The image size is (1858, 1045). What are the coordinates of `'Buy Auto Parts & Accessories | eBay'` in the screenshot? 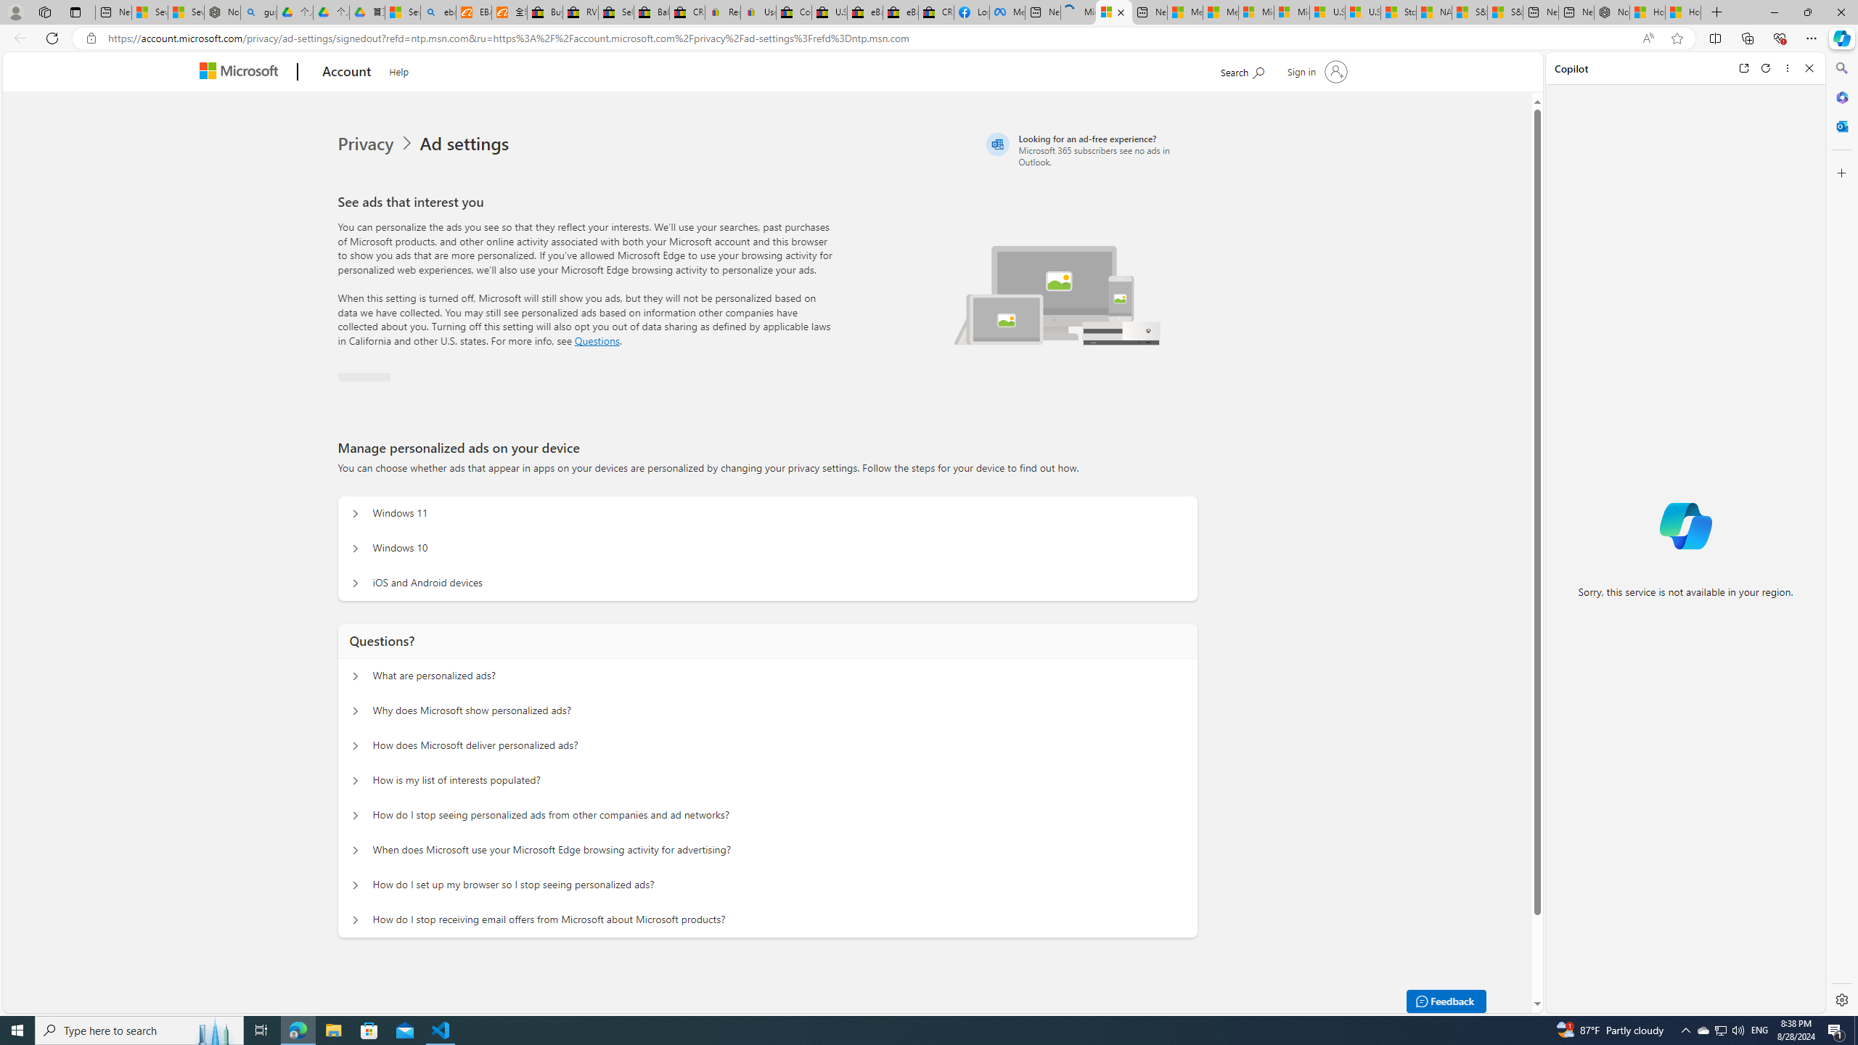 It's located at (544, 12).